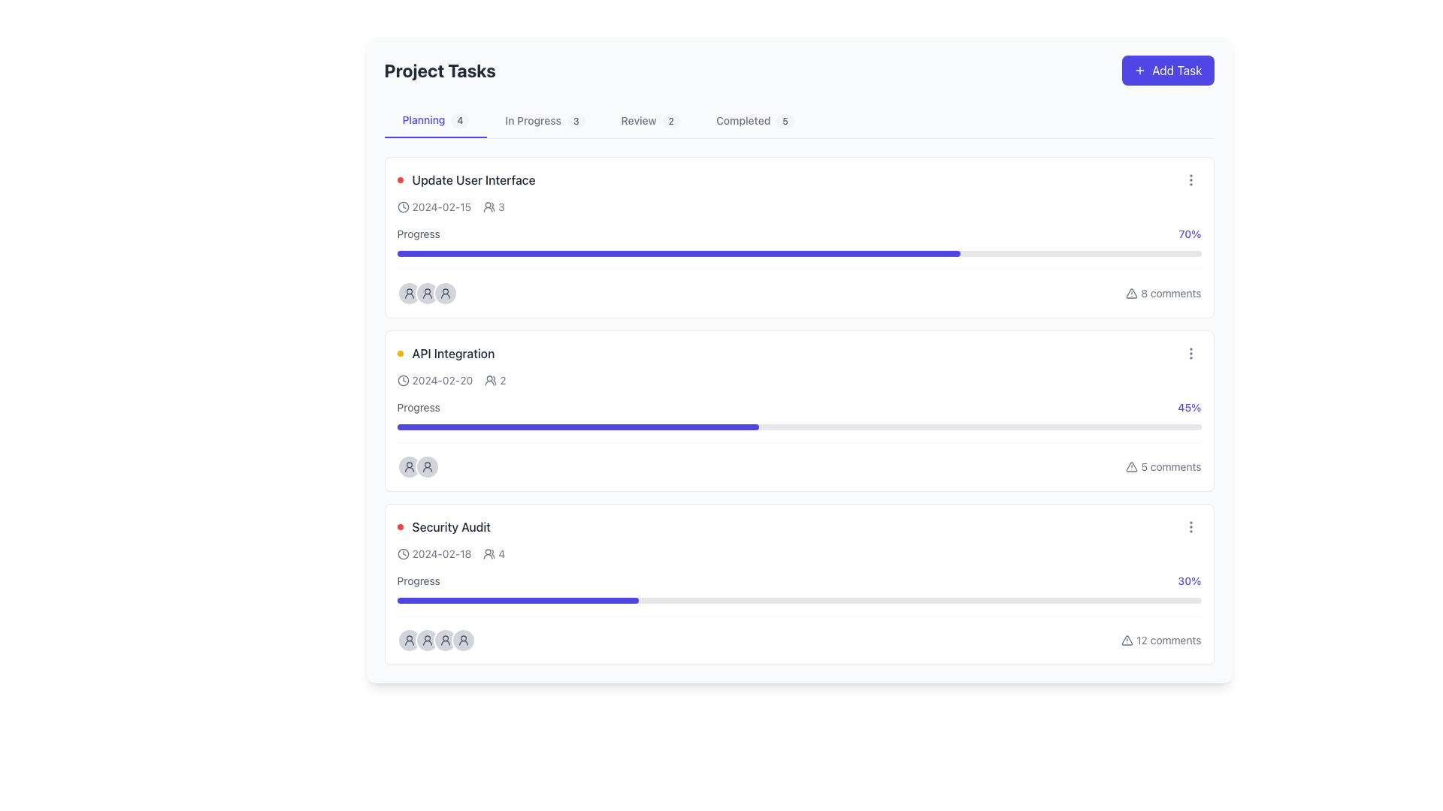 The width and height of the screenshot is (1443, 811). Describe the element at coordinates (798, 415) in the screenshot. I see `the visual progress of the Progress Bar located in the 'API Integration' section, positioned below the date and participant count information` at that location.